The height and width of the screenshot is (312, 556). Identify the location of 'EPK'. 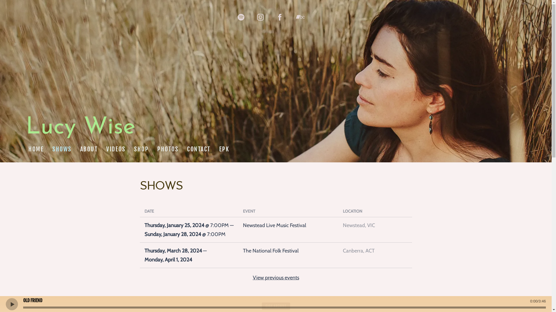
(224, 149).